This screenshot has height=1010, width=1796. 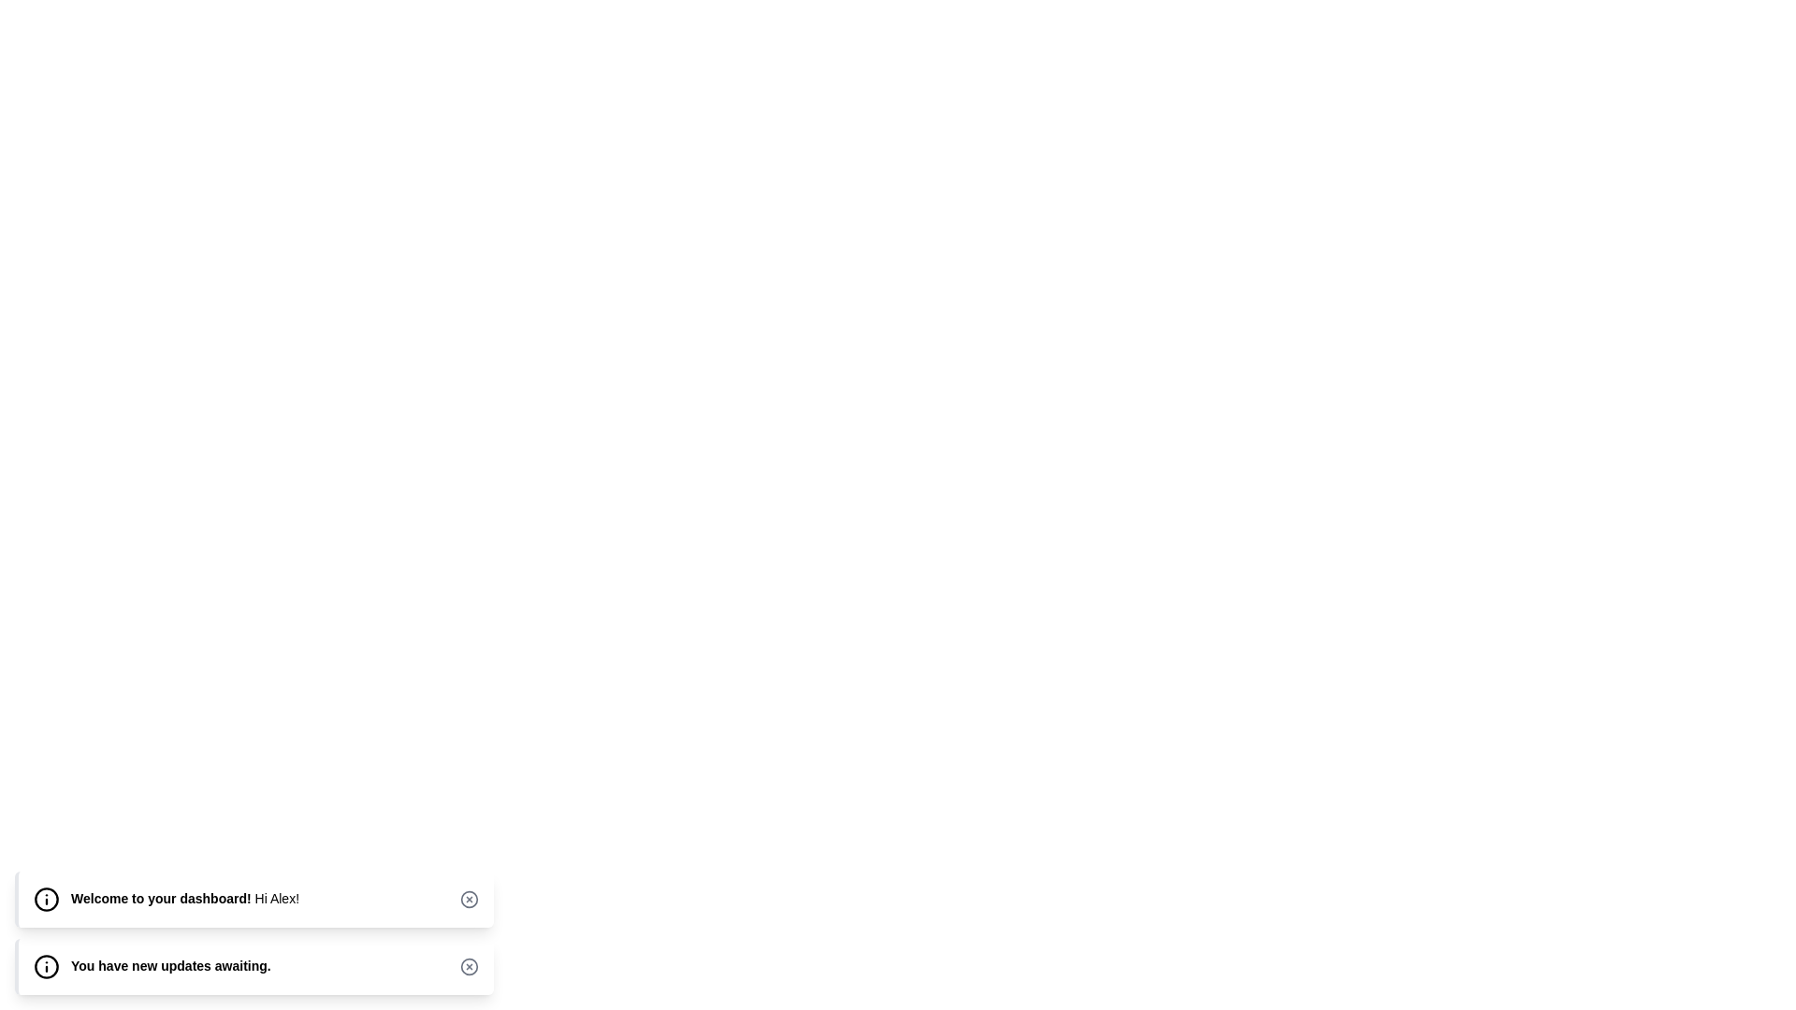 I want to click on the informational icon located to the far left of the notification bar that indicates 'You have new updates awaiting.', so click(x=46, y=966).